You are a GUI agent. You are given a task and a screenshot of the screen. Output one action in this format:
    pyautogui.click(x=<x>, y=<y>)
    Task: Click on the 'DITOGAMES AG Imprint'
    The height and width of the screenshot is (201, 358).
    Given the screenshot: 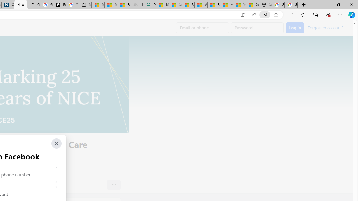 What is the action you would take?
    pyautogui.click(x=149, y=5)
    